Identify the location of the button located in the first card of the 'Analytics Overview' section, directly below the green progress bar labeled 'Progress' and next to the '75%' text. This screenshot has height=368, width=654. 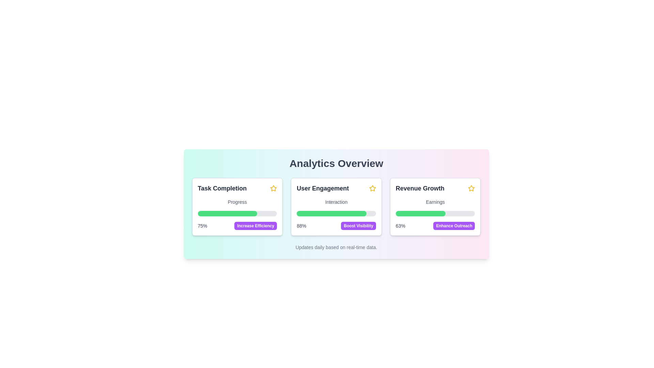
(255, 226).